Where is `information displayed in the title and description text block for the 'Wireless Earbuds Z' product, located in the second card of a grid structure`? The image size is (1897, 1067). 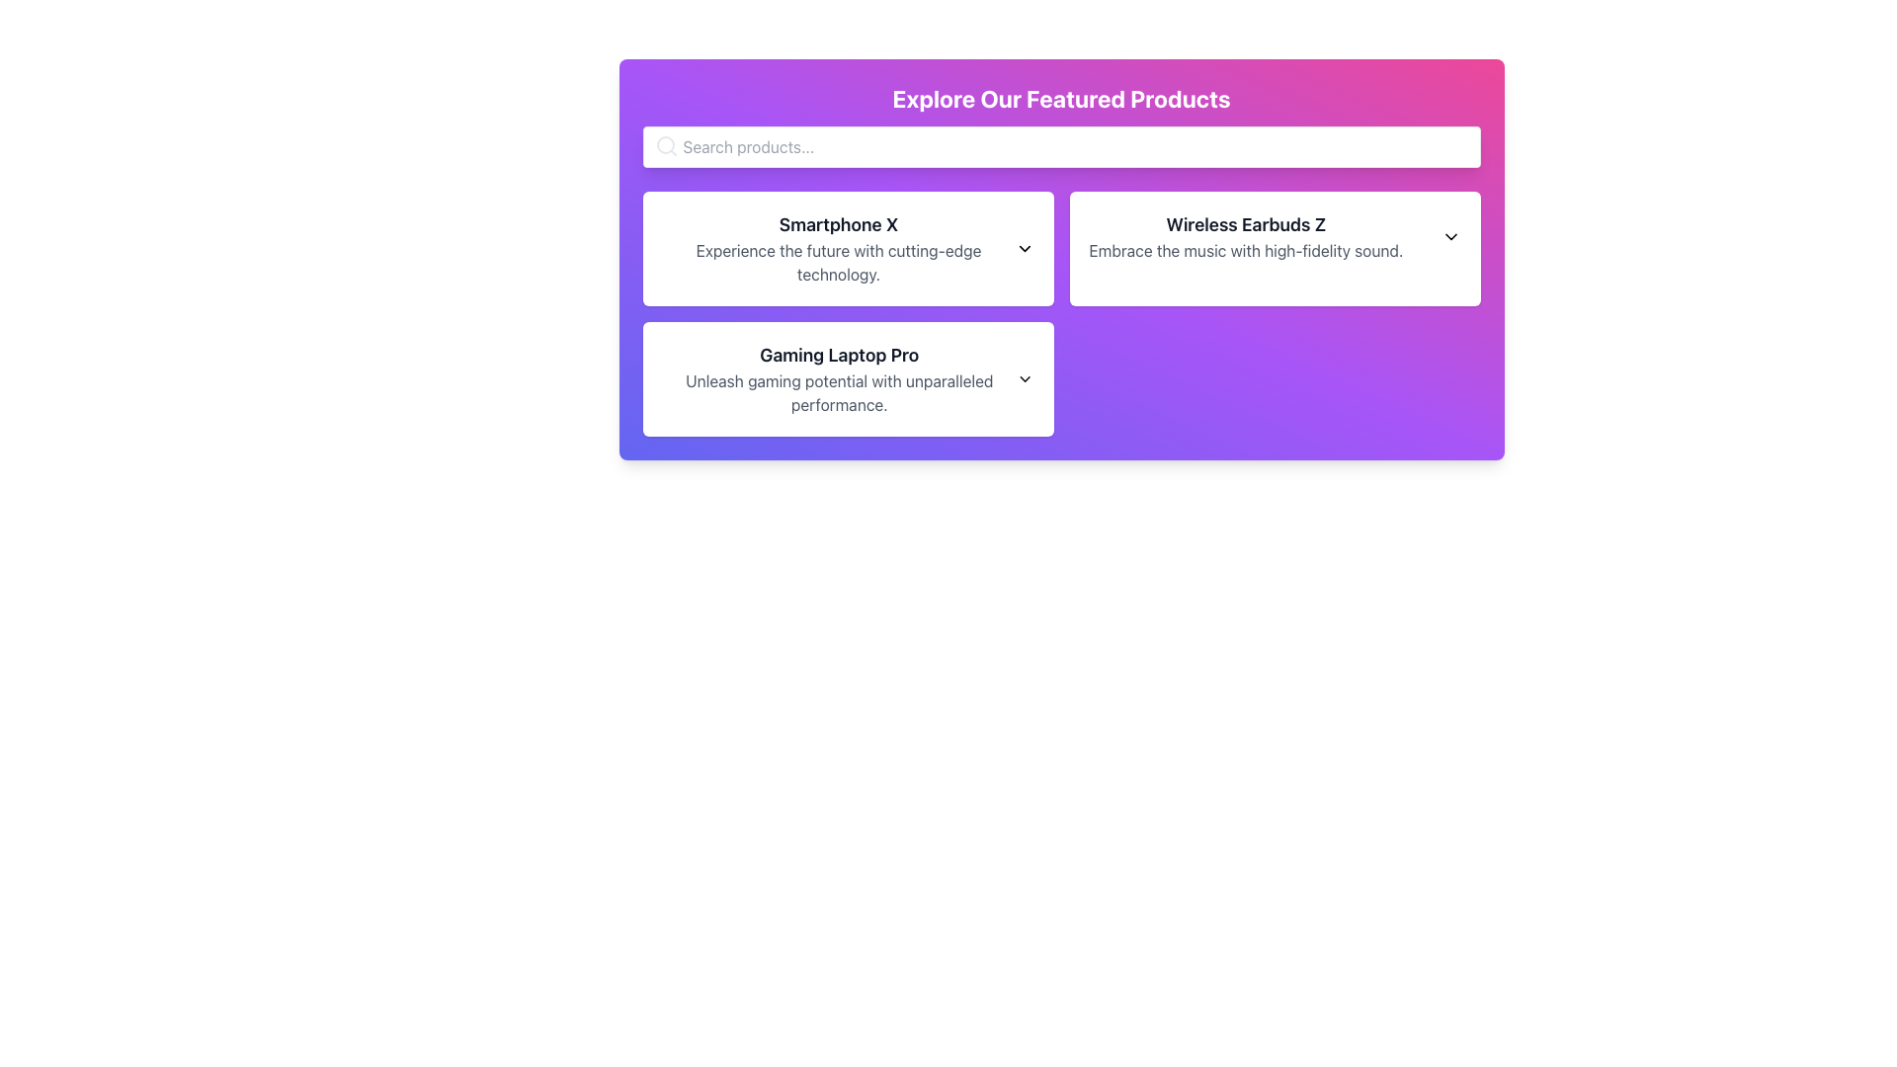 information displayed in the title and description text block for the 'Wireless Earbuds Z' product, located in the second card of a grid structure is located at coordinates (1245, 235).